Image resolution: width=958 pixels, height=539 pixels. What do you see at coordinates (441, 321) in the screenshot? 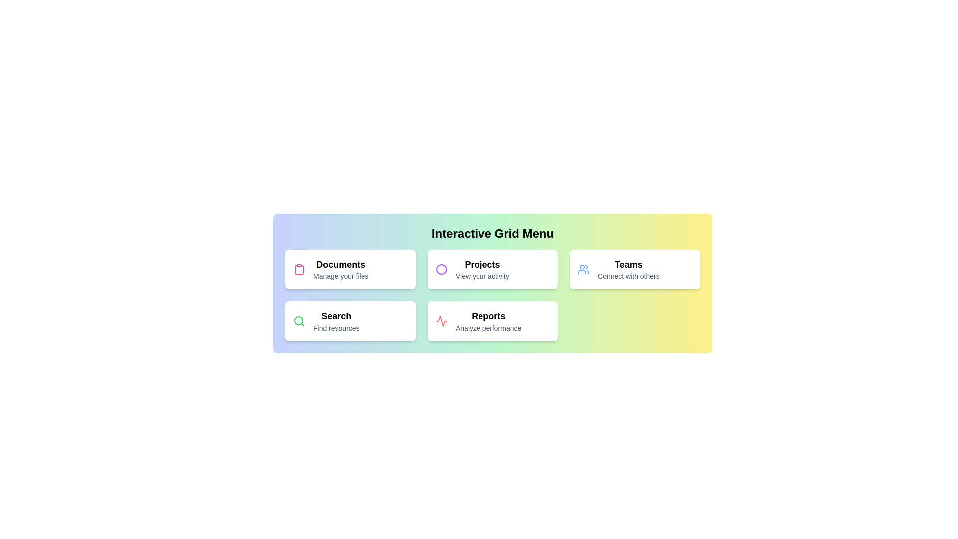
I see `the icon associated with Reports to inspect it` at bounding box center [441, 321].